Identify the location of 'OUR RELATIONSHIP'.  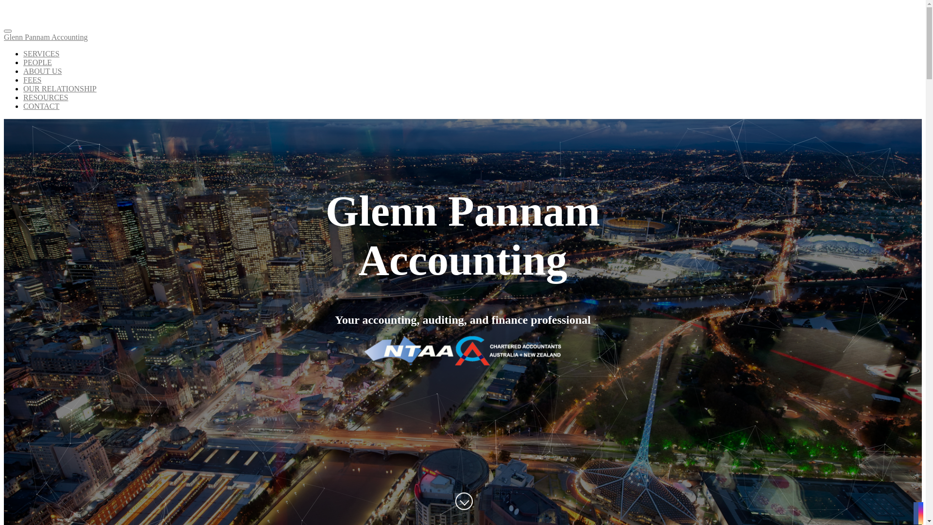
(23, 88).